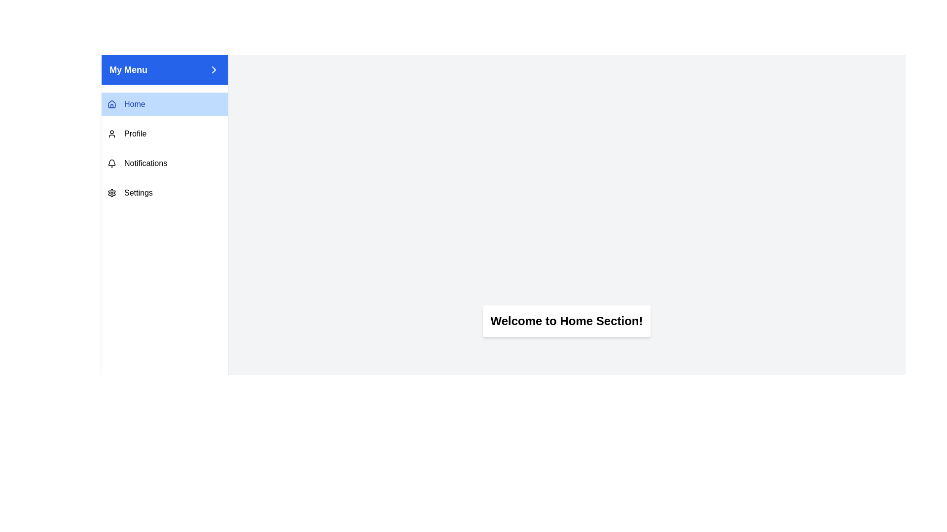 Image resolution: width=947 pixels, height=532 pixels. What do you see at coordinates (213, 69) in the screenshot?
I see `the Chevron-Right icon/button located at the far right of the 'My Menu' blue header section, which indicates a collapsible menu or navigation action` at bounding box center [213, 69].